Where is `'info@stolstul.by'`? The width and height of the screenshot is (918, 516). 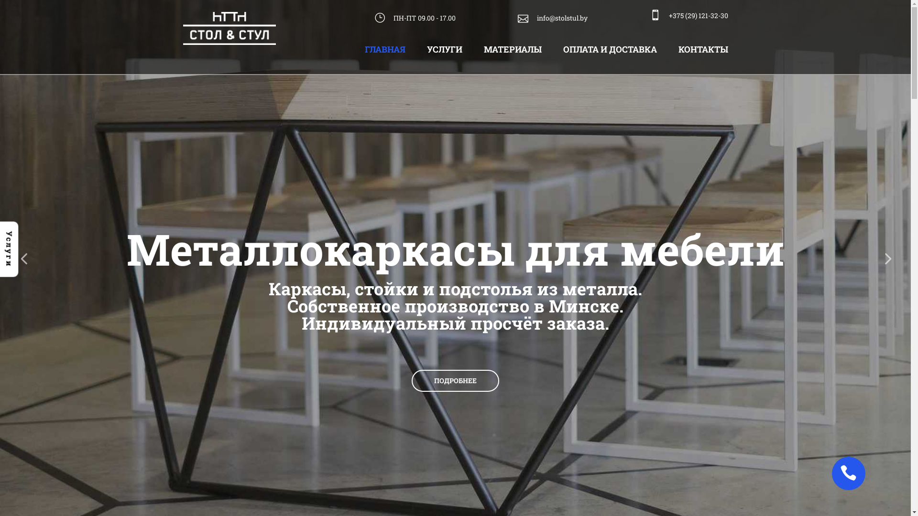
'info@stolstul.by' is located at coordinates (552, 18).